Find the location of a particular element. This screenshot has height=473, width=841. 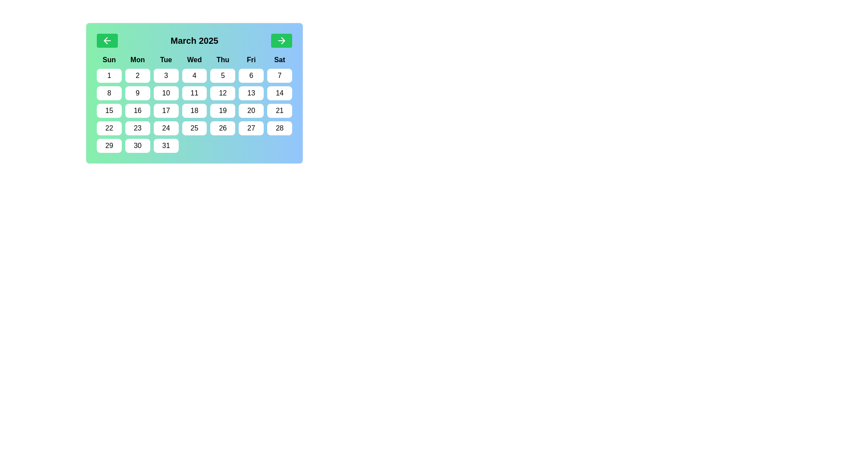

the Text label displaying 'Wed', which is the fourth weekday abbreviation in a row at the top of the calendar interface is located at coordinates (194, 60).